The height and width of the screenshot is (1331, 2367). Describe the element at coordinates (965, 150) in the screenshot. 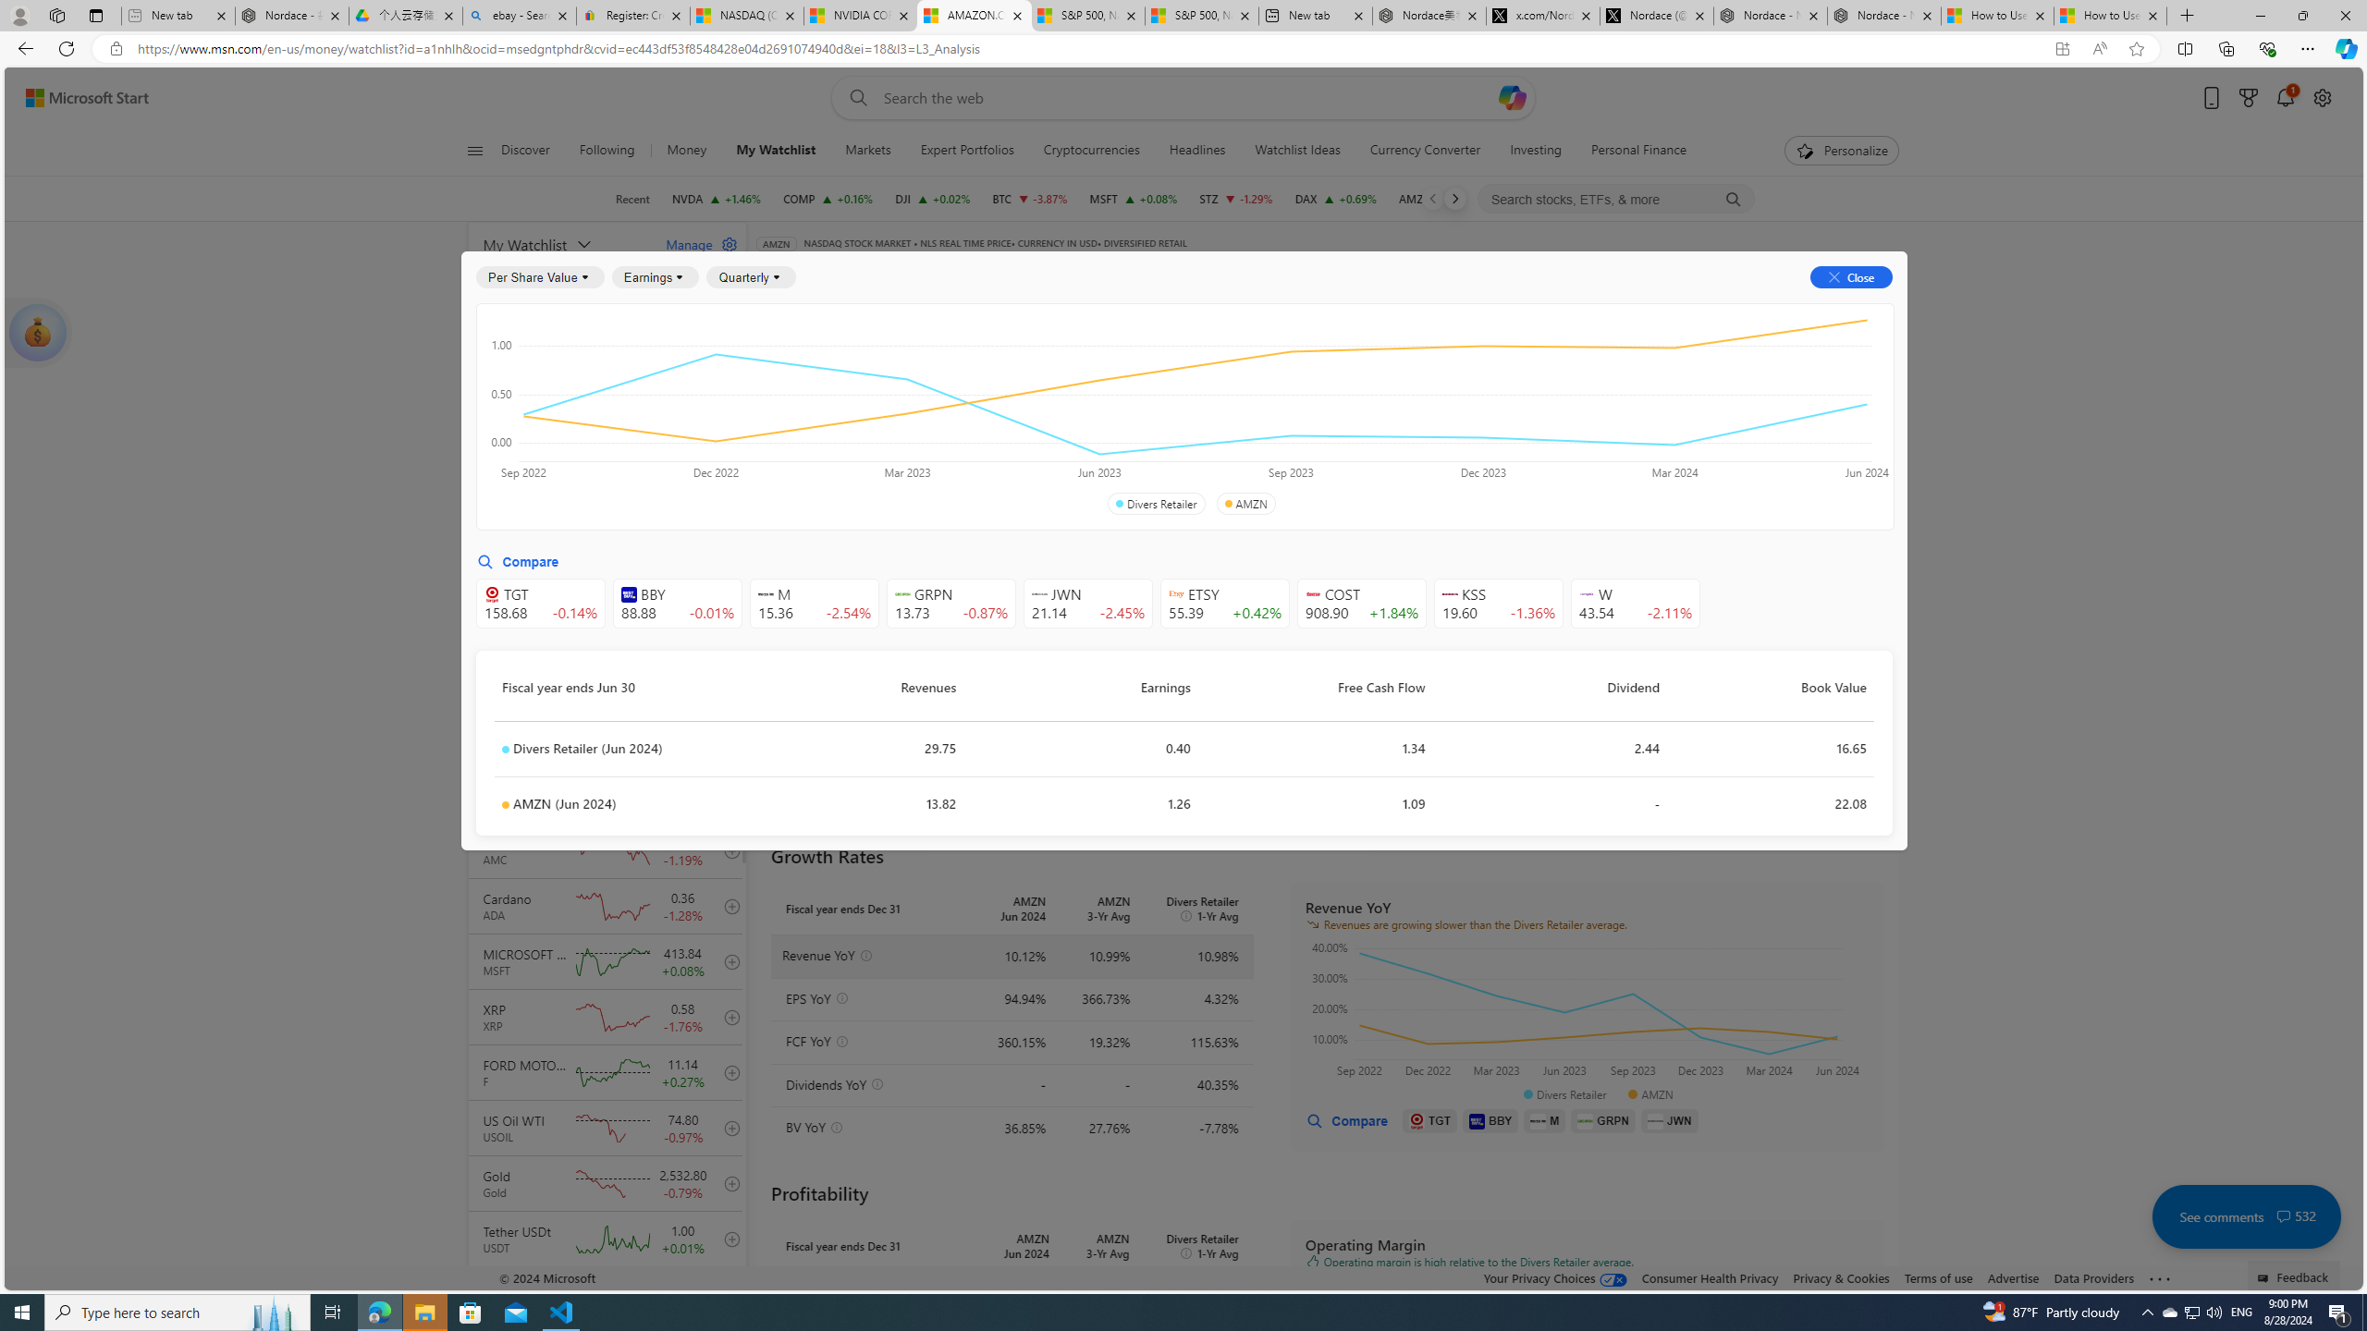

I see `'Expert Portfolios'` at that location.